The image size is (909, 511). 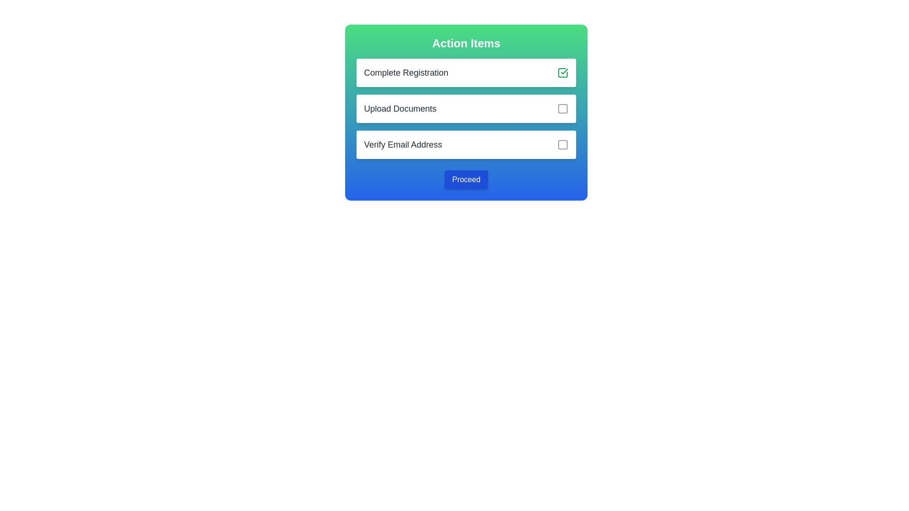 I want to click on the 'Action Items' list item with a checkbox that allows users to upload documents, which is the second item in the list, so click(x=466, y=108).